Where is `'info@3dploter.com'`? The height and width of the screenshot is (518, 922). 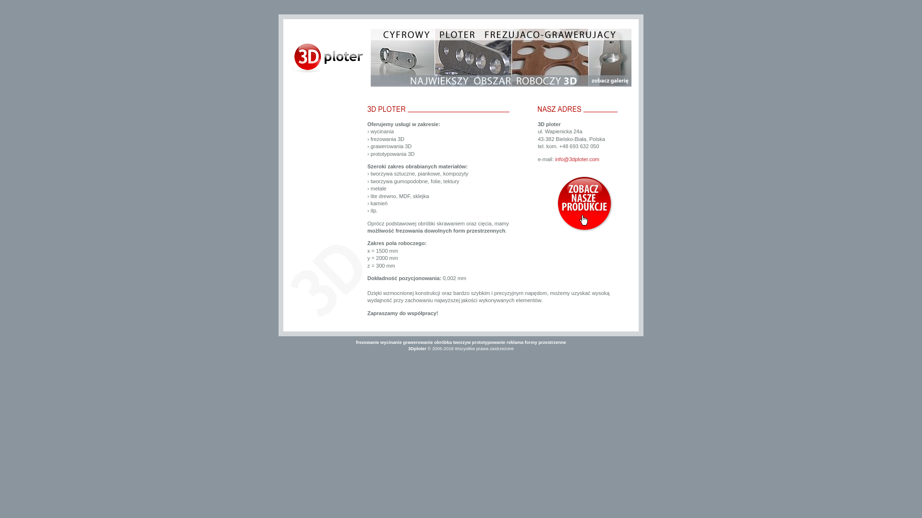 'info@3dploter.com' is located at coordinates (576, 158).